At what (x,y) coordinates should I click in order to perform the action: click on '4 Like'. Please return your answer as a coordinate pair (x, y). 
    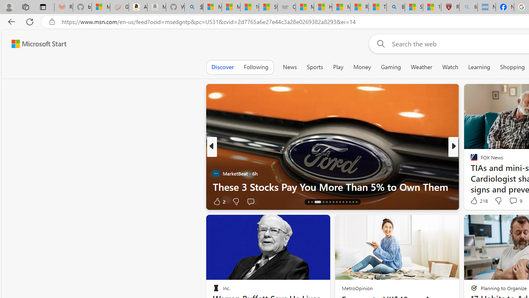
    Looking at the image, I should click on (473, 201).